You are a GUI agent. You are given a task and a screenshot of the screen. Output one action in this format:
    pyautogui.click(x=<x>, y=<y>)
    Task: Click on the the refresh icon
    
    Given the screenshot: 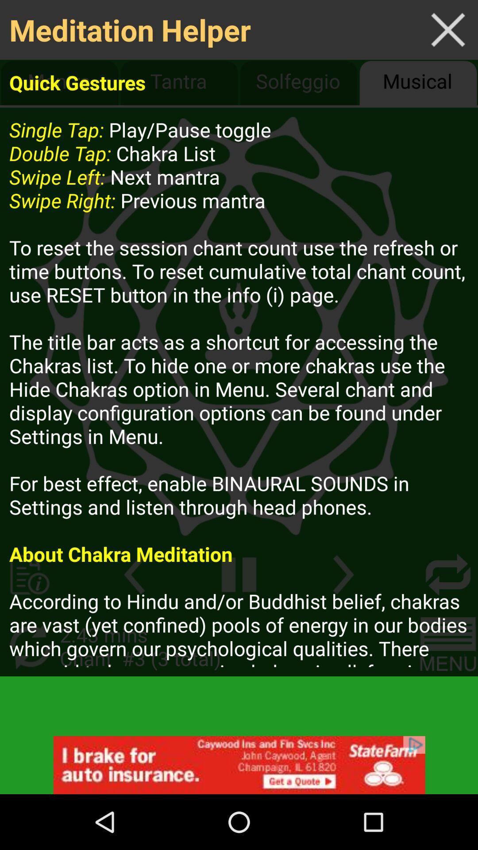 What is the action you would take?
    pyautogui.click(x=29, y=691)
    